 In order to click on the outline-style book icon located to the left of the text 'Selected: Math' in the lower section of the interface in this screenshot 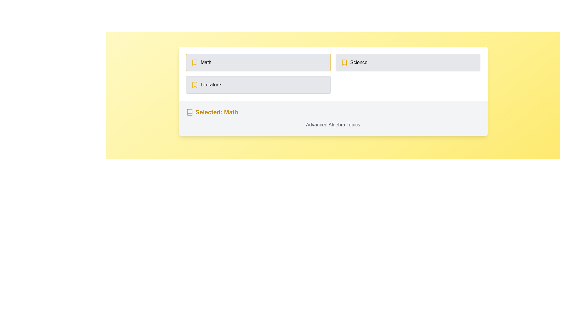, I will do `click(189, 112)`.